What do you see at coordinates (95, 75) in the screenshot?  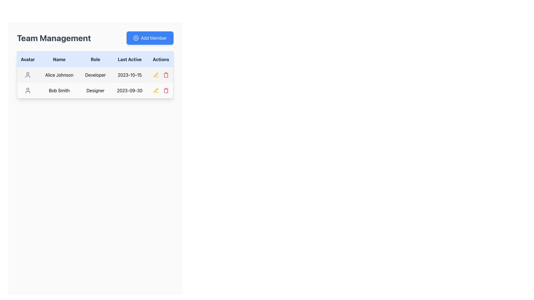 I see `informational text label indicating the role of the individual in the same row as 'Alice Johnson' in the table` at bounding box center [95, 75].